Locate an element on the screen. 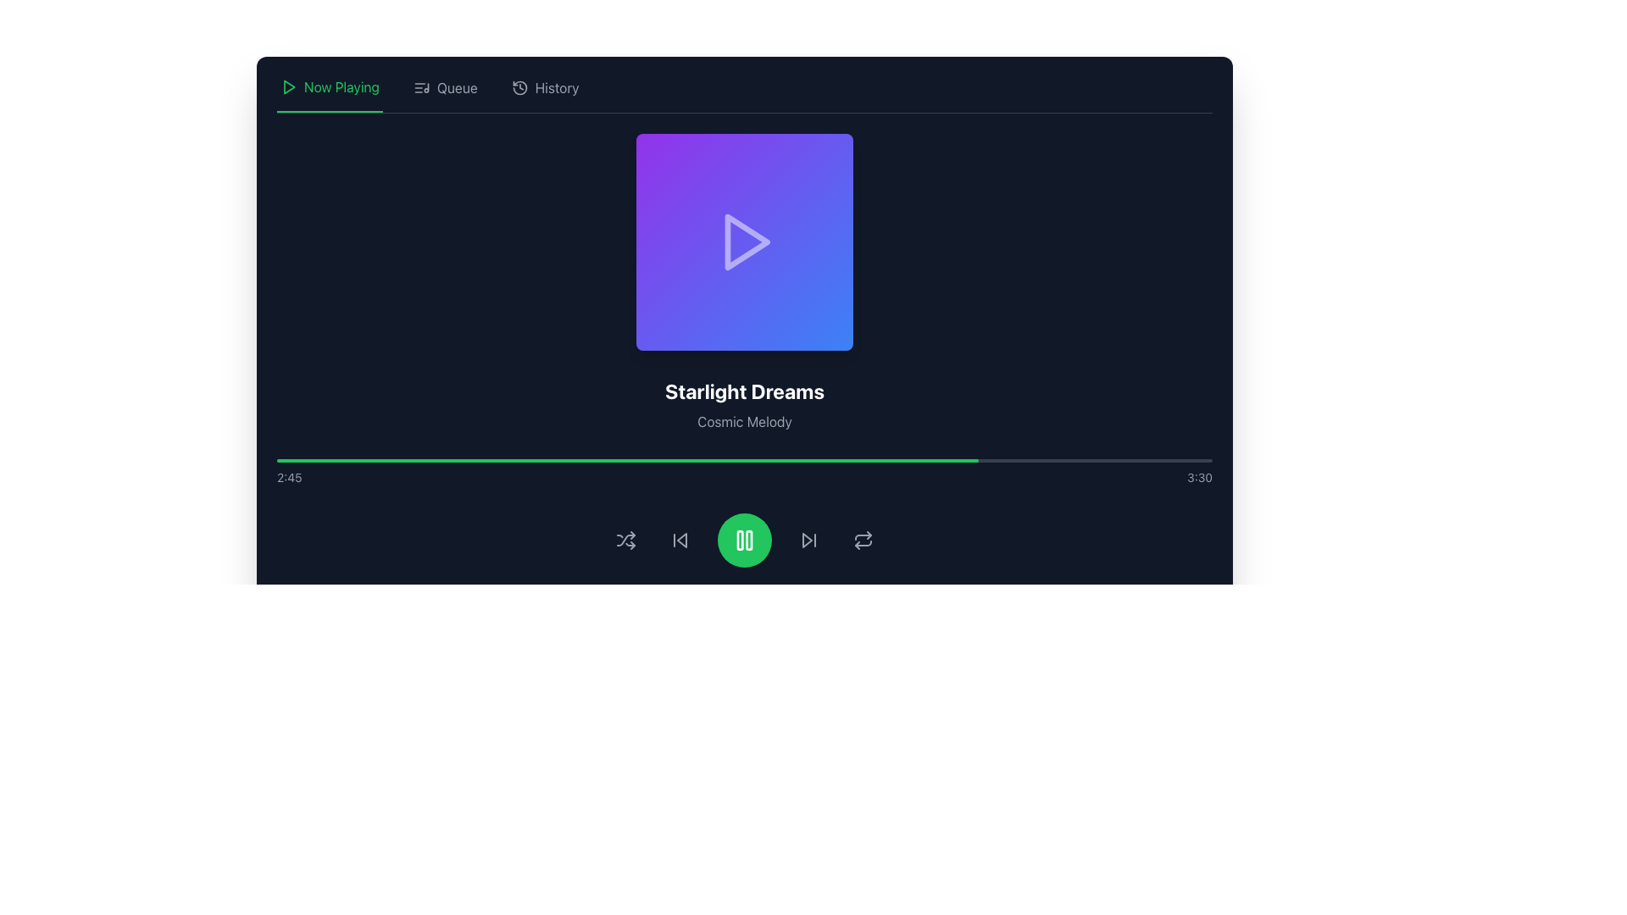 The image size is (1627, 915). the static text label displaying 'Starlight Dreams' in bold, large white font, located above 'Cosmic Melody' and below the play button icon is located at coordinates (744, 391).